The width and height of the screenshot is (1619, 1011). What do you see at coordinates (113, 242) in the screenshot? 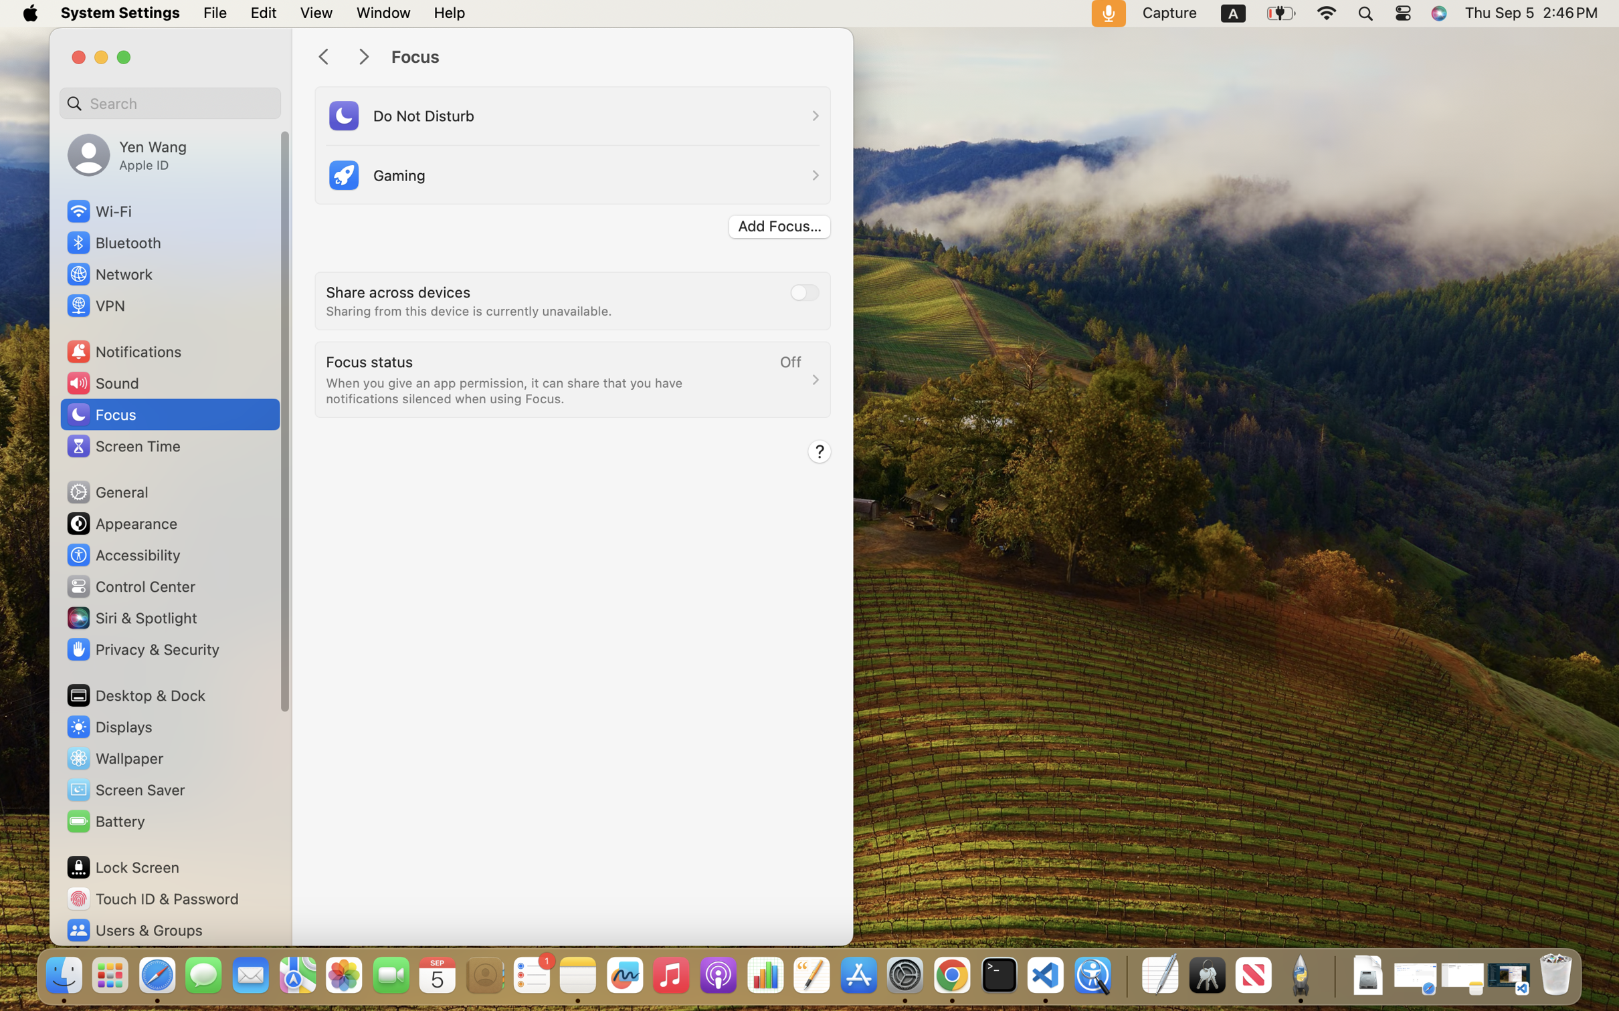
I see `'Bluetooth'` at bounding box center [113, 242].